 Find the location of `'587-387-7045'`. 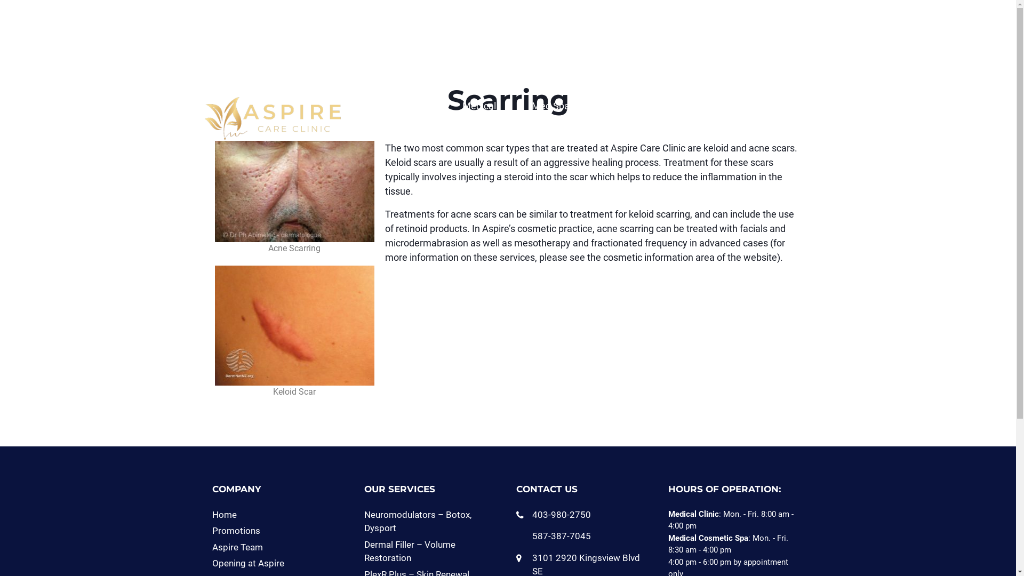

'587-387-7045' is located at coordinates (532, 536).